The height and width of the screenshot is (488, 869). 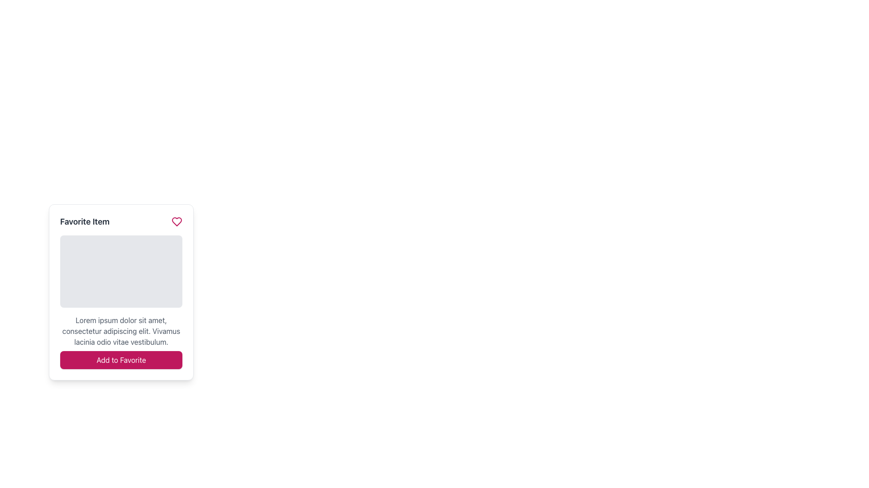 I want to click on the 'Favorite Item' text label, which is prominently displayed in a bold and larger font, indicating it might be the title of a section or item, so click(x=85, y=221).